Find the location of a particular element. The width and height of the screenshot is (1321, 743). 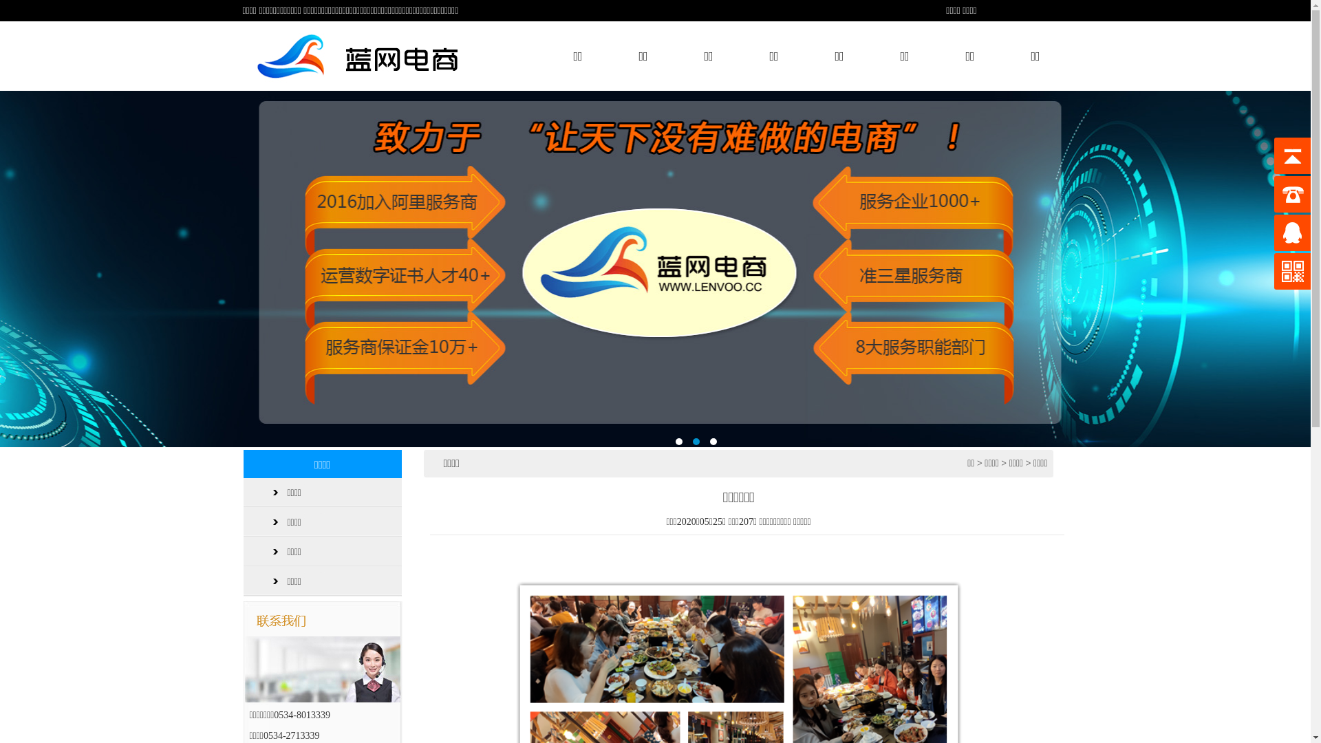

'3' is located at coordinates (713, 441).